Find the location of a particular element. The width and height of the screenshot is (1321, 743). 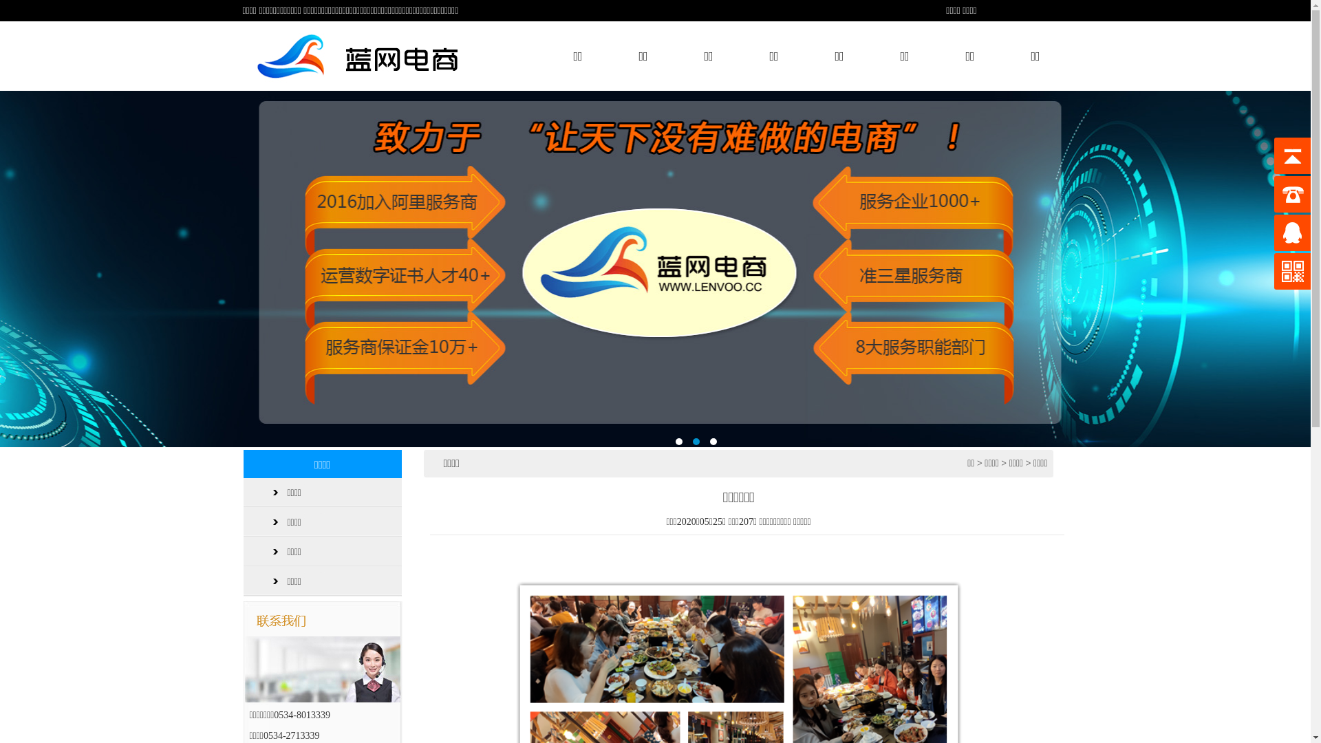

'3' is located at coordinates (713, 441).